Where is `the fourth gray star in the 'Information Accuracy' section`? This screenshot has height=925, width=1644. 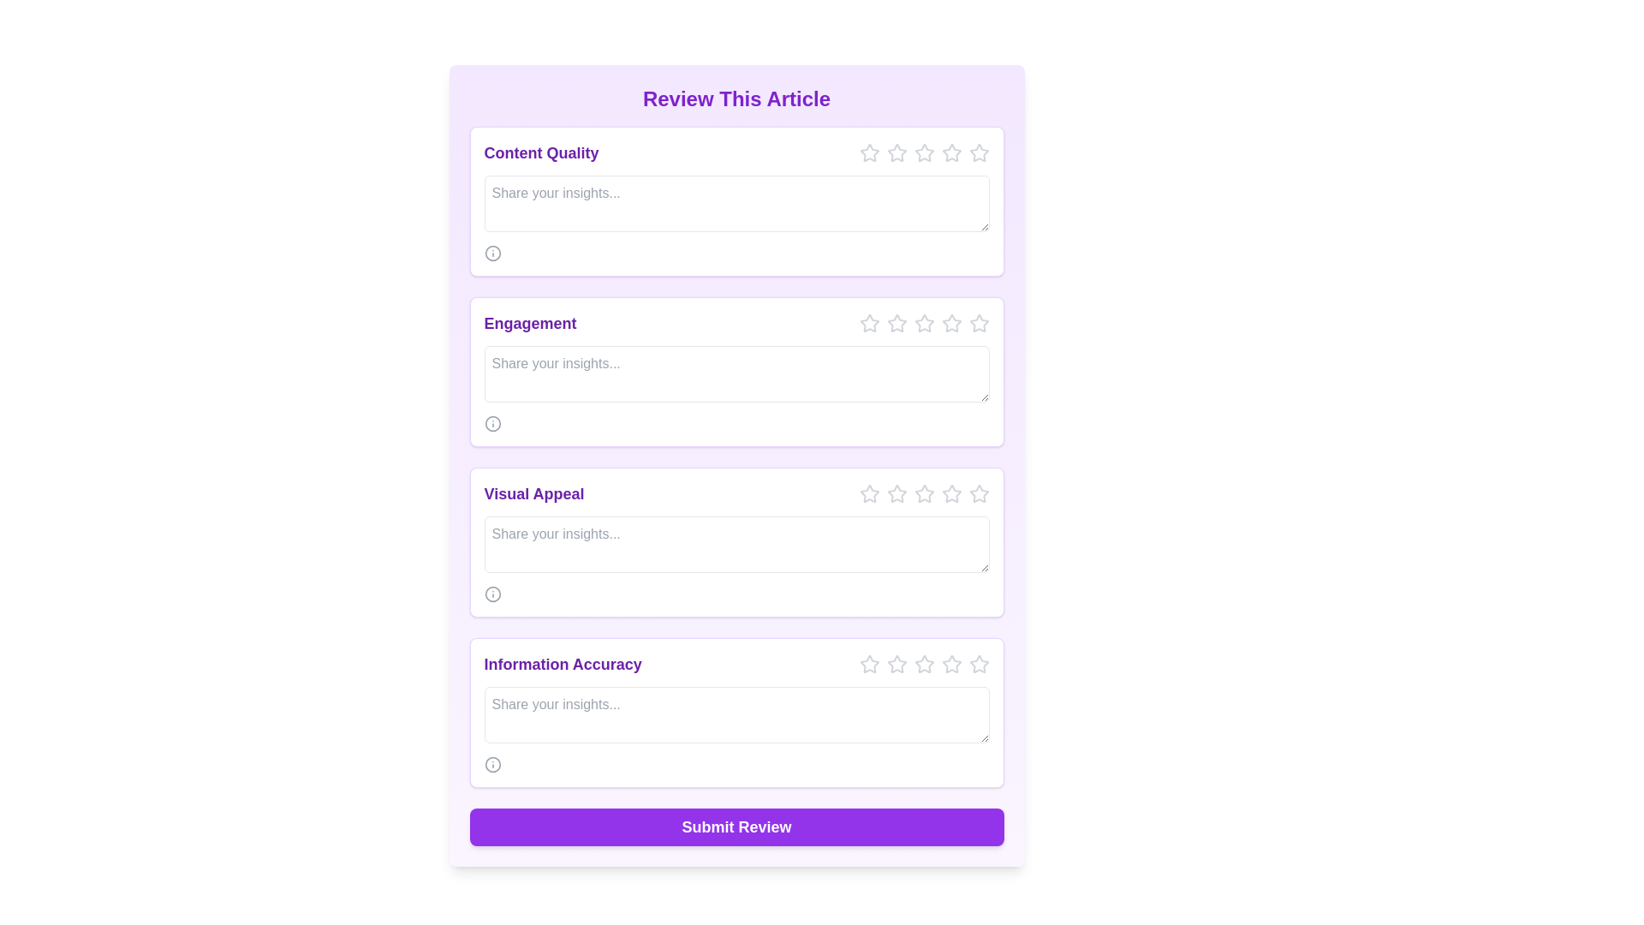 the fourth gray star in the 'Information Accuracy' section is located at coordinates (923, 663).